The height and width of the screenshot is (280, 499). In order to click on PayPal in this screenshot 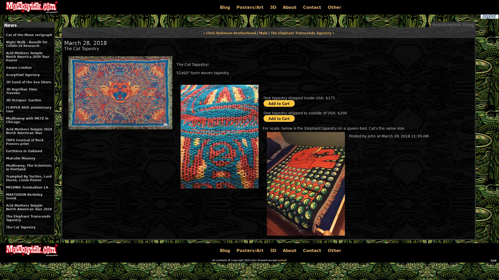, I will do `click(489, 16)`.